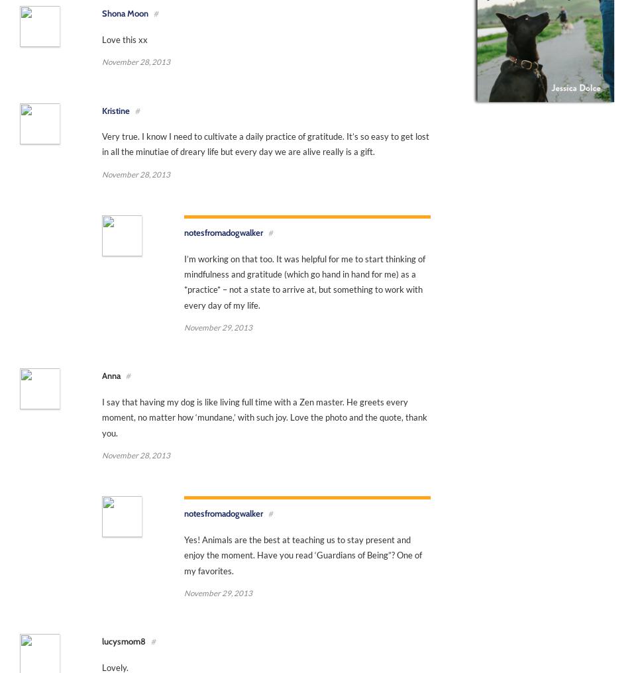  What do you see at coordinates (264, 417) in the screenshot?
I see `'I say that having my dog is like living full time with a Zen master. He greets every moment, no matter how ‘mundane,’ with such joy. Love the photo and the quote, thank you.'` at bounding box center [264, 417].